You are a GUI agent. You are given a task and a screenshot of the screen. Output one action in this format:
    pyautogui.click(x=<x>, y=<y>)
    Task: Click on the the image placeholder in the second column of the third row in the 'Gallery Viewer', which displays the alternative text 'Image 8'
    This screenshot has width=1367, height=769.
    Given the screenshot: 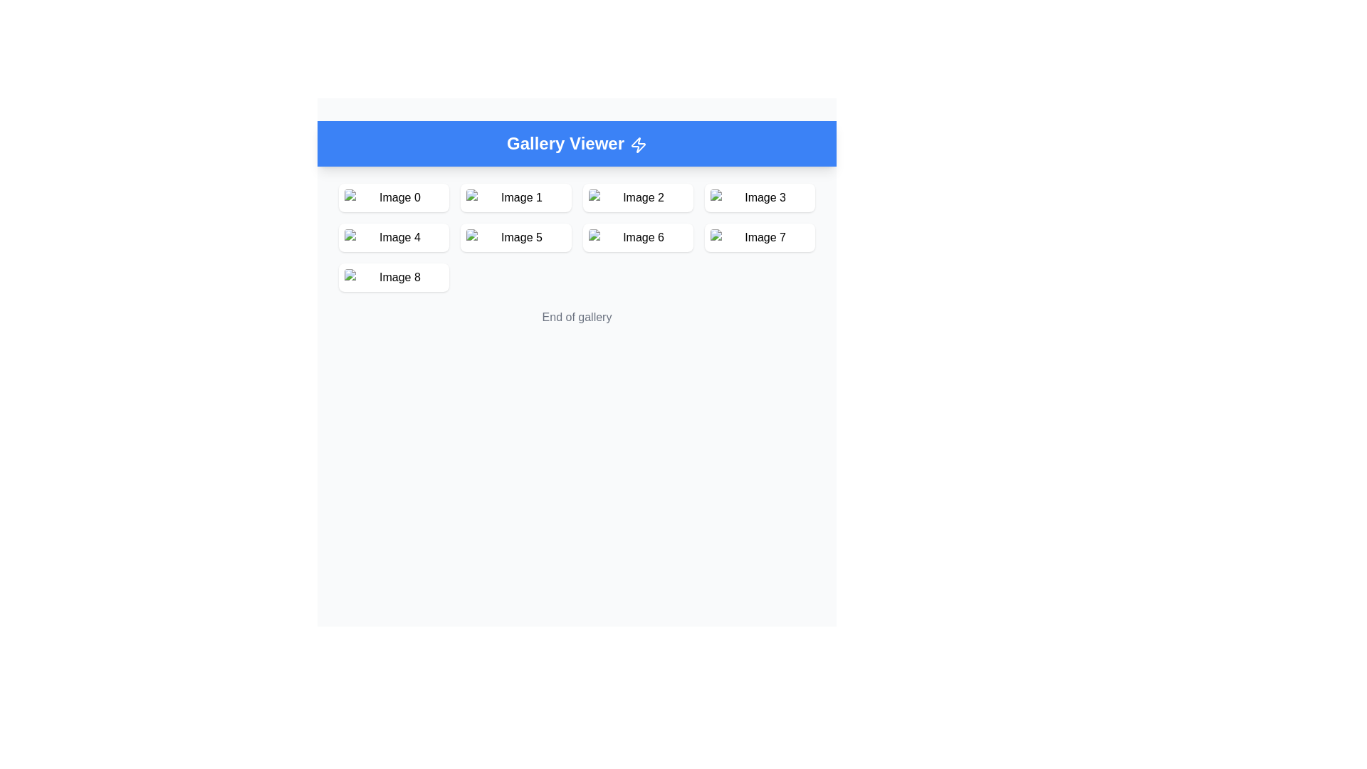 What is the action you would take?
    pyautogui.click(x=394, y=277)
    